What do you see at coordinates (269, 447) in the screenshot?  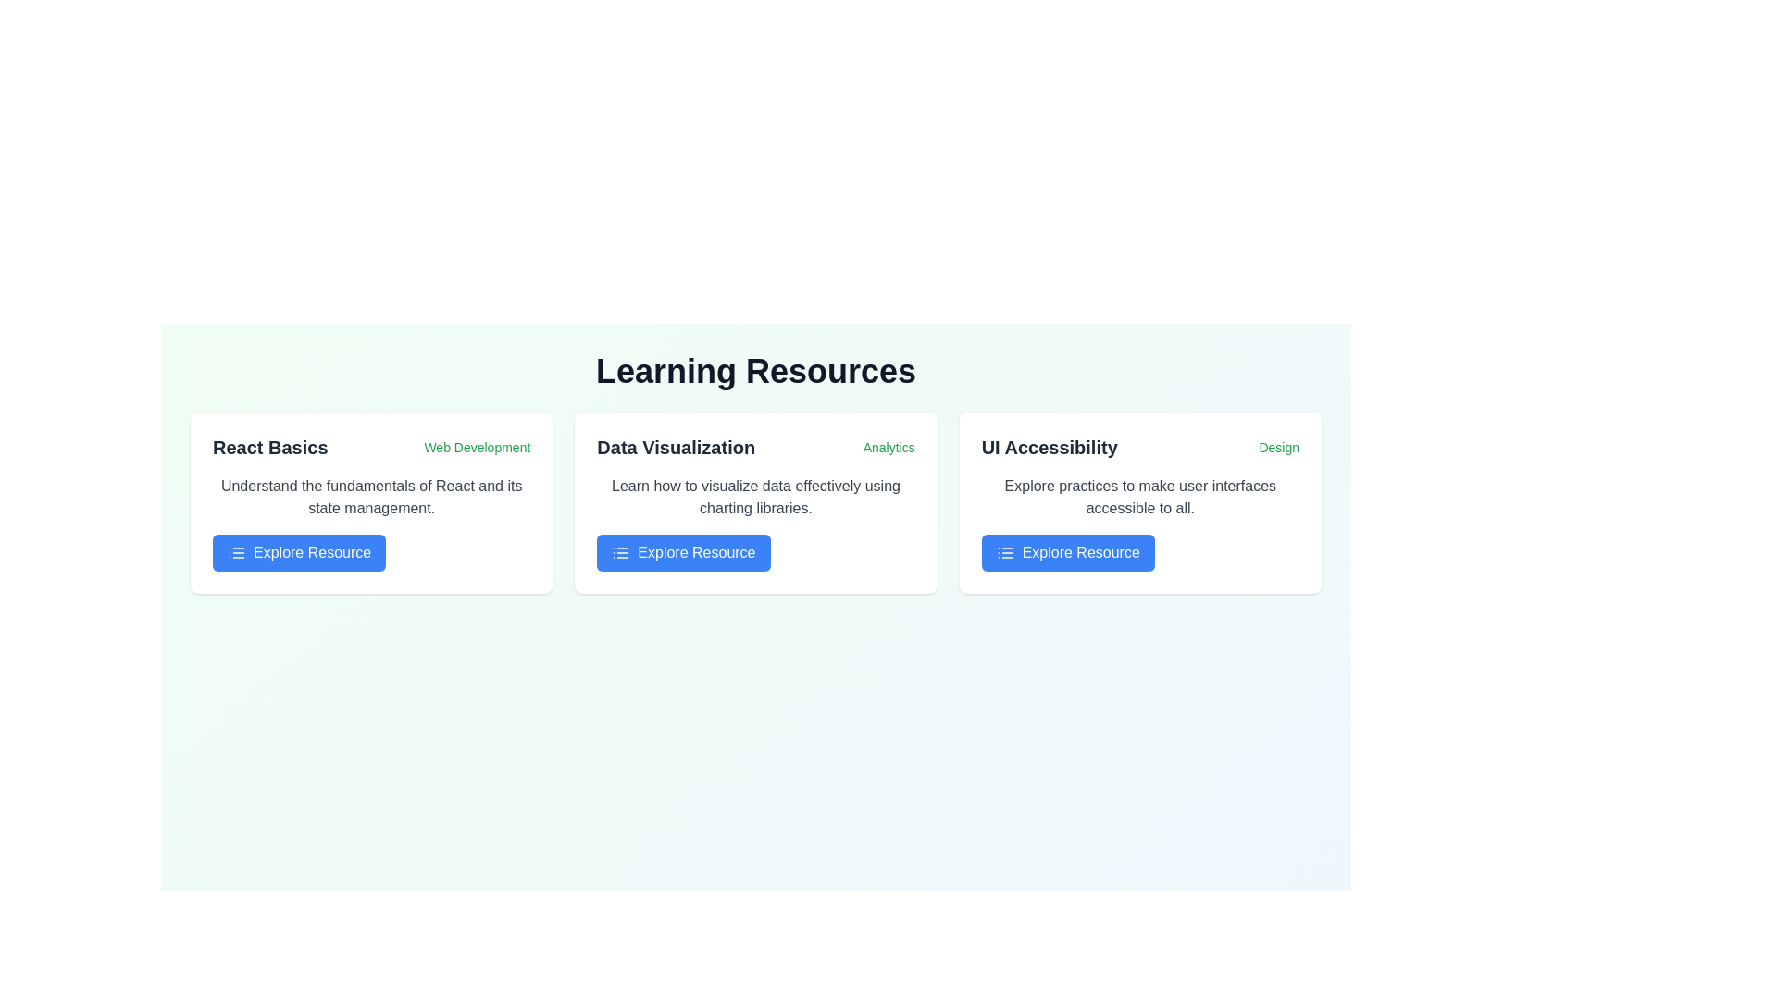 I see `the text label displaying the title 'React Basics' located within the leftmost card of the three-card row, under the header 'Learning Resources'` at bounding box center [269, 447].